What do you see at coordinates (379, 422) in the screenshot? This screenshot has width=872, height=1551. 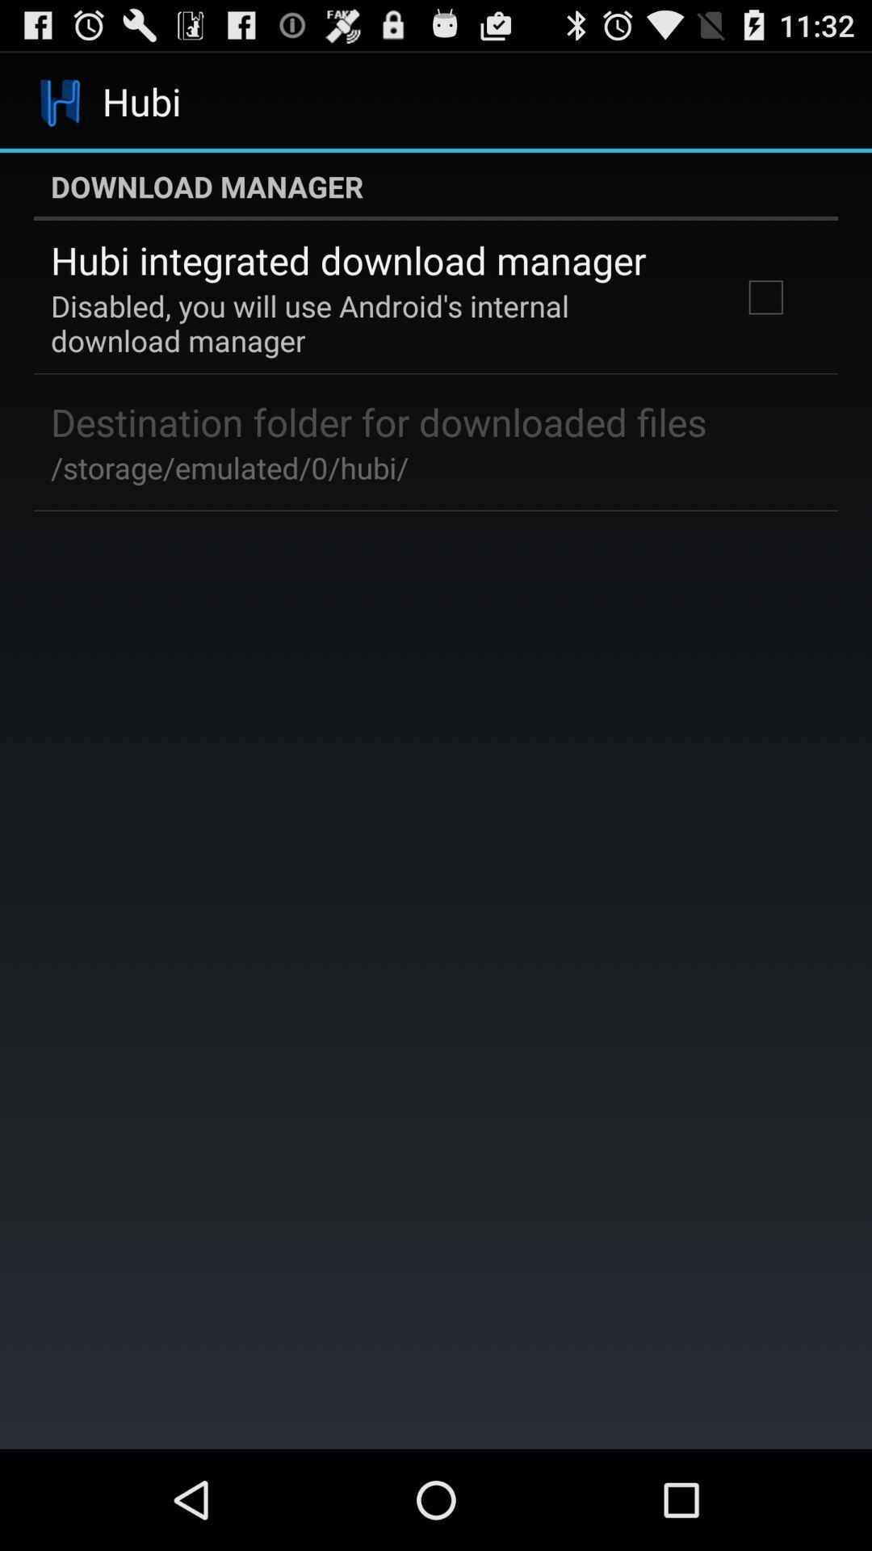 I see `the icon above storage emulated 0` at bounding box center [379, 422].